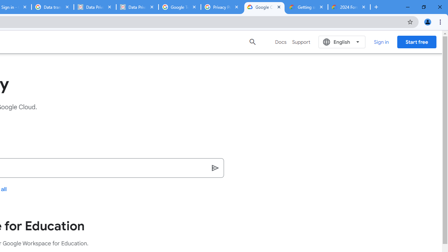 The height and width of the screenshot is (252, 448). What do you see at coordinates (94, 7) in the screenshot?
I see `'Data Privacy Framework'` at bounding box center [94, 7].